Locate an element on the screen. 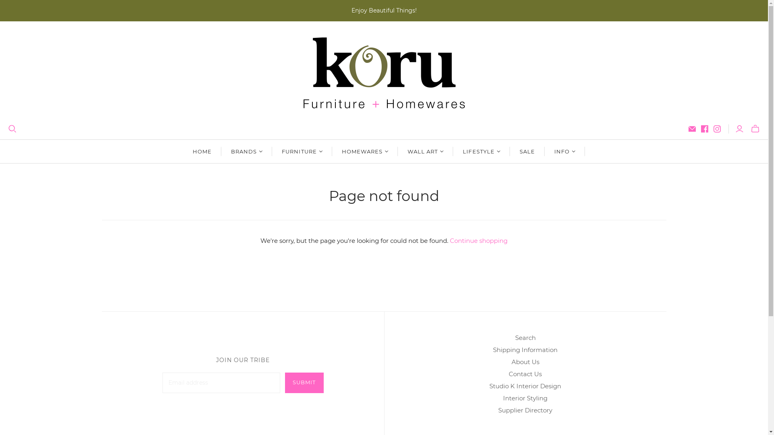 The width and height of the screenshot is (774, 435). 'Supplier Directory' is located at coordinates (525, 410).